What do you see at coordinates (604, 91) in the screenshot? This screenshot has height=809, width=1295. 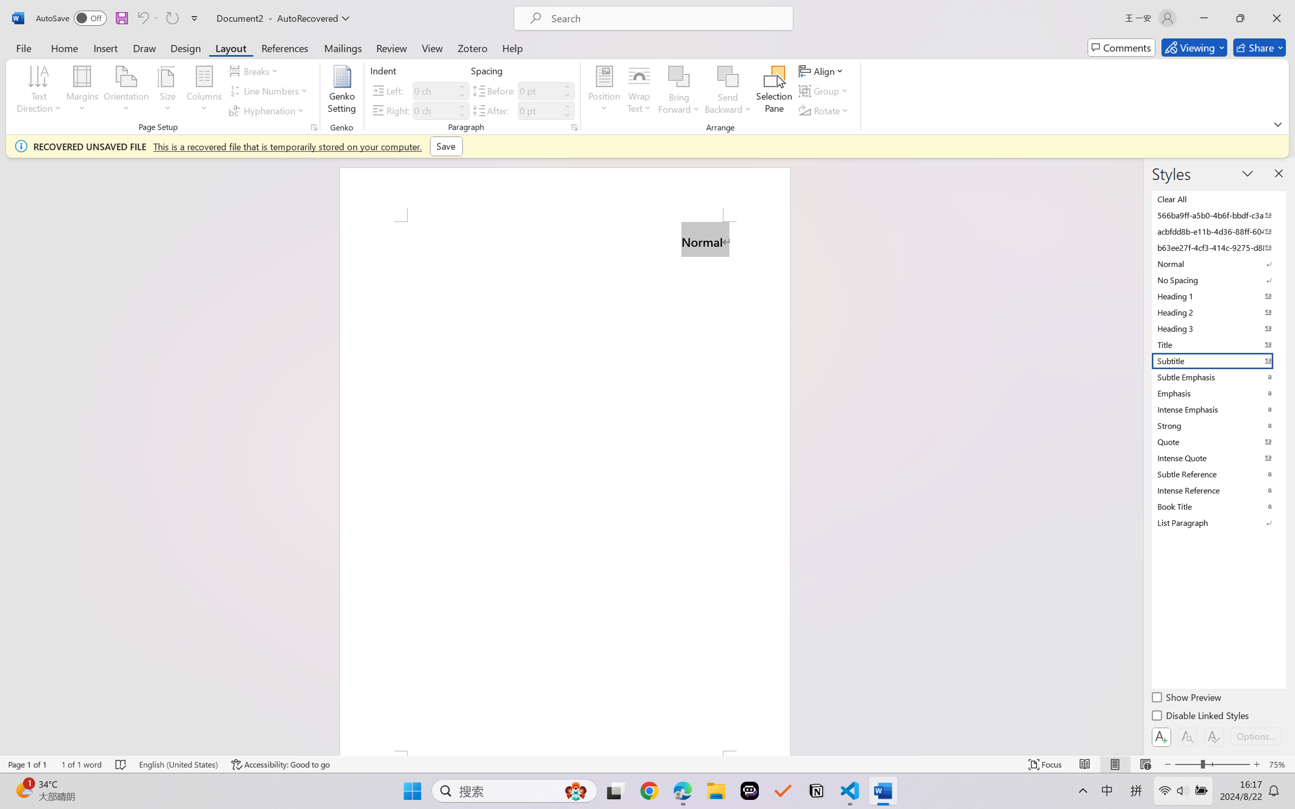 I see `'Position'` at bounding box center [604, 91].